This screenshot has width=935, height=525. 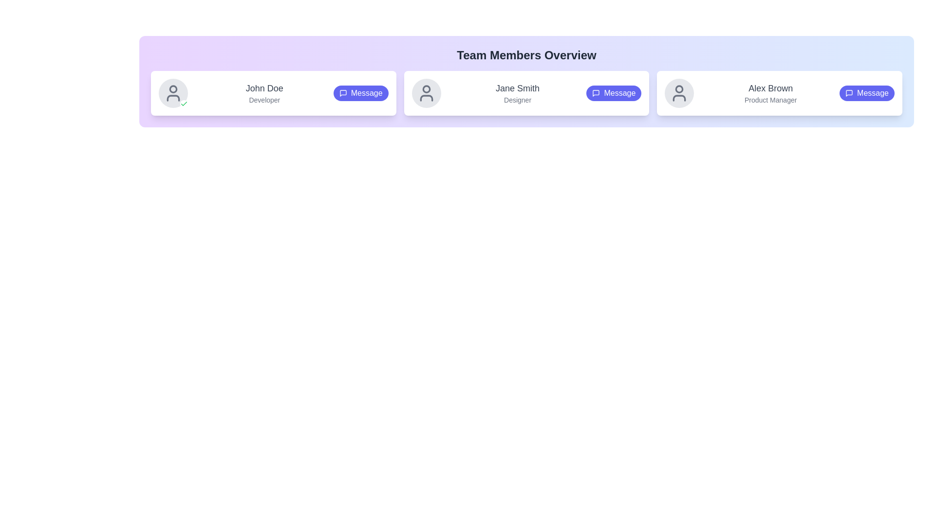 What do you see at coordinates (426, 93) in the screenshot?
I see `the circular icon with a gray background and a dark gray human silhouette, located in the upper-left corner of the card labeled 'Jane Smith' and 'Designer'` at bounding box center [426, 93].